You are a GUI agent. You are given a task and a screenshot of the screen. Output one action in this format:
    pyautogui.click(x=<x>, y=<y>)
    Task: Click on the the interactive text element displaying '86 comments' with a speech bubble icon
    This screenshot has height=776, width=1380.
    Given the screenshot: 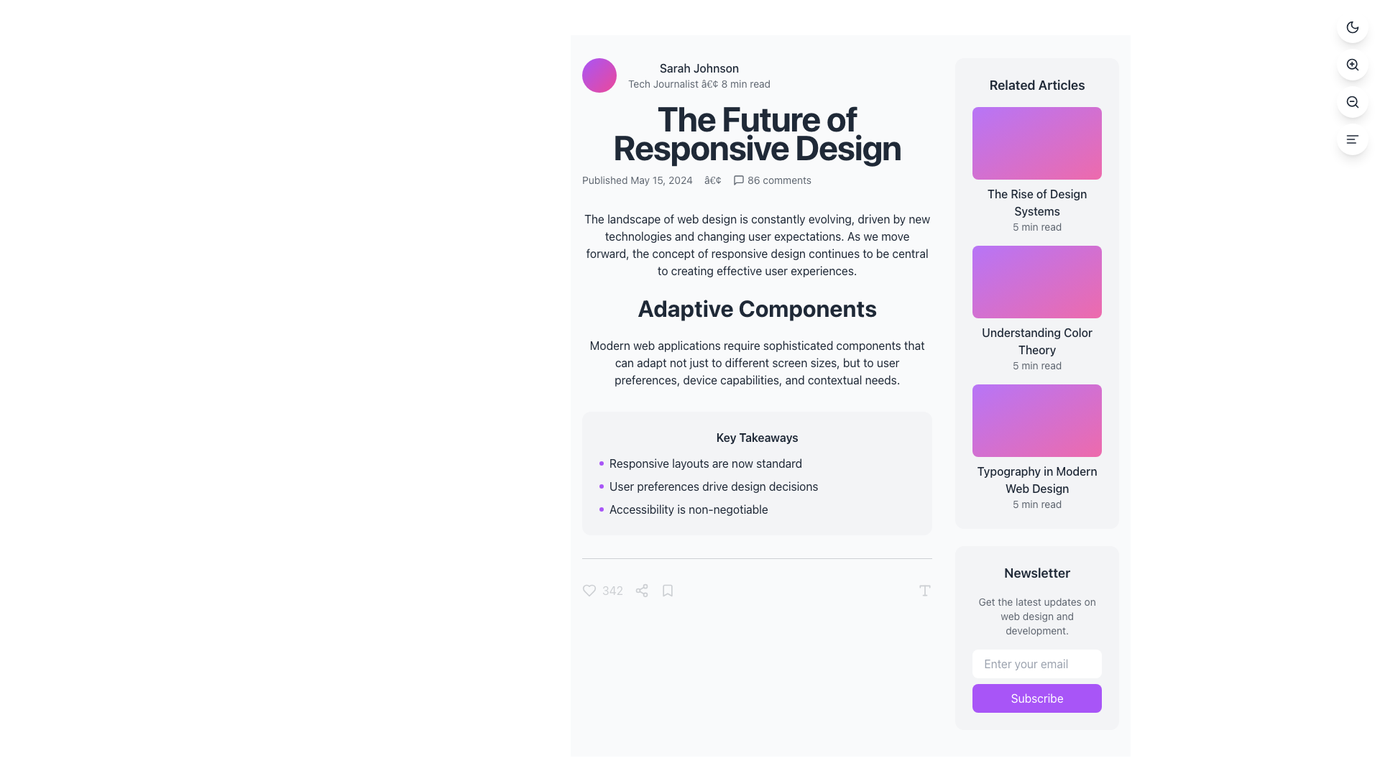 What is the action you would take?
    pyautogui.click(x=771, y=179)
    